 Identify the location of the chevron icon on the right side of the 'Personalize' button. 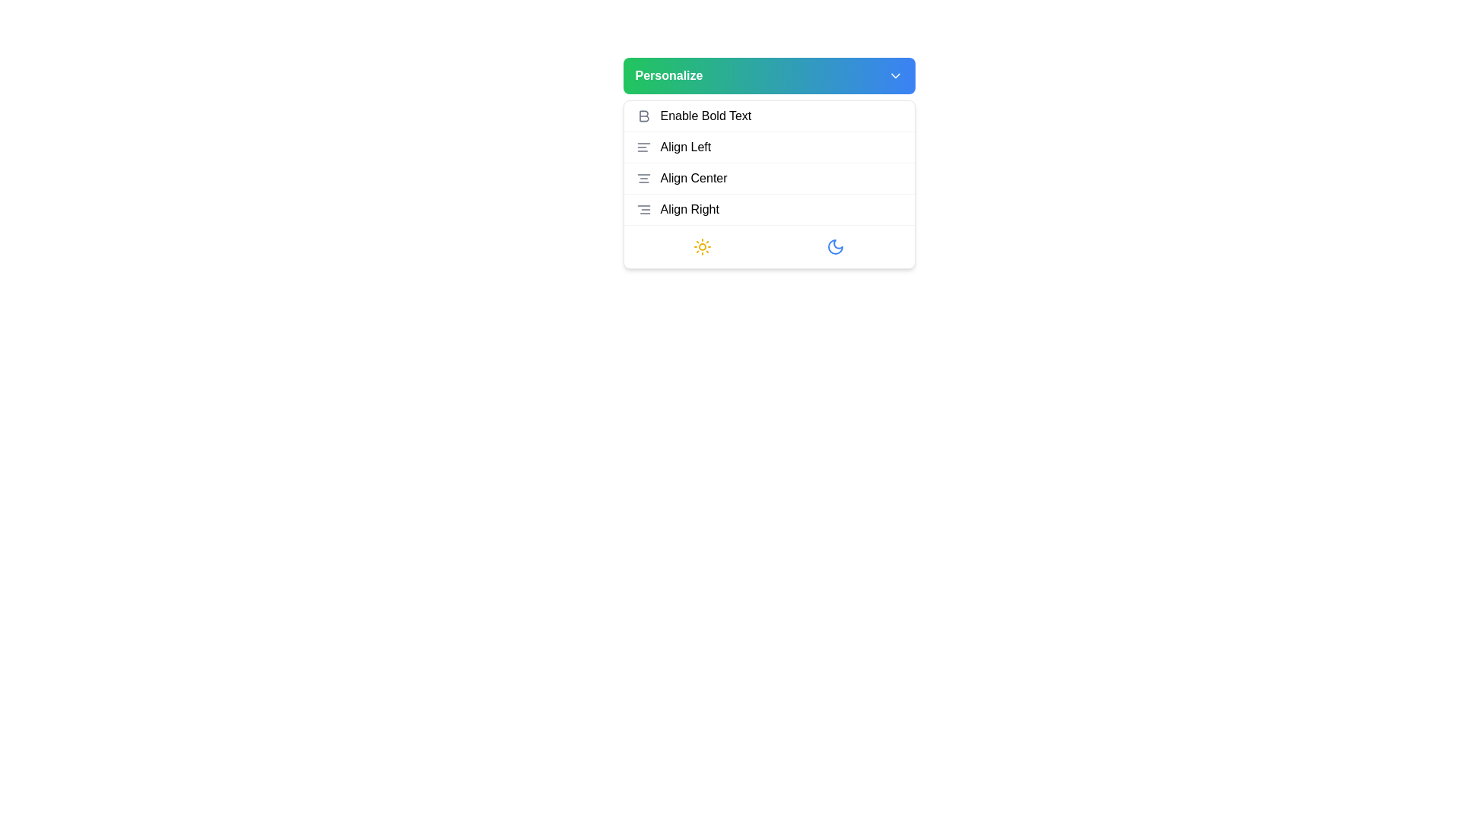
(895, 76).